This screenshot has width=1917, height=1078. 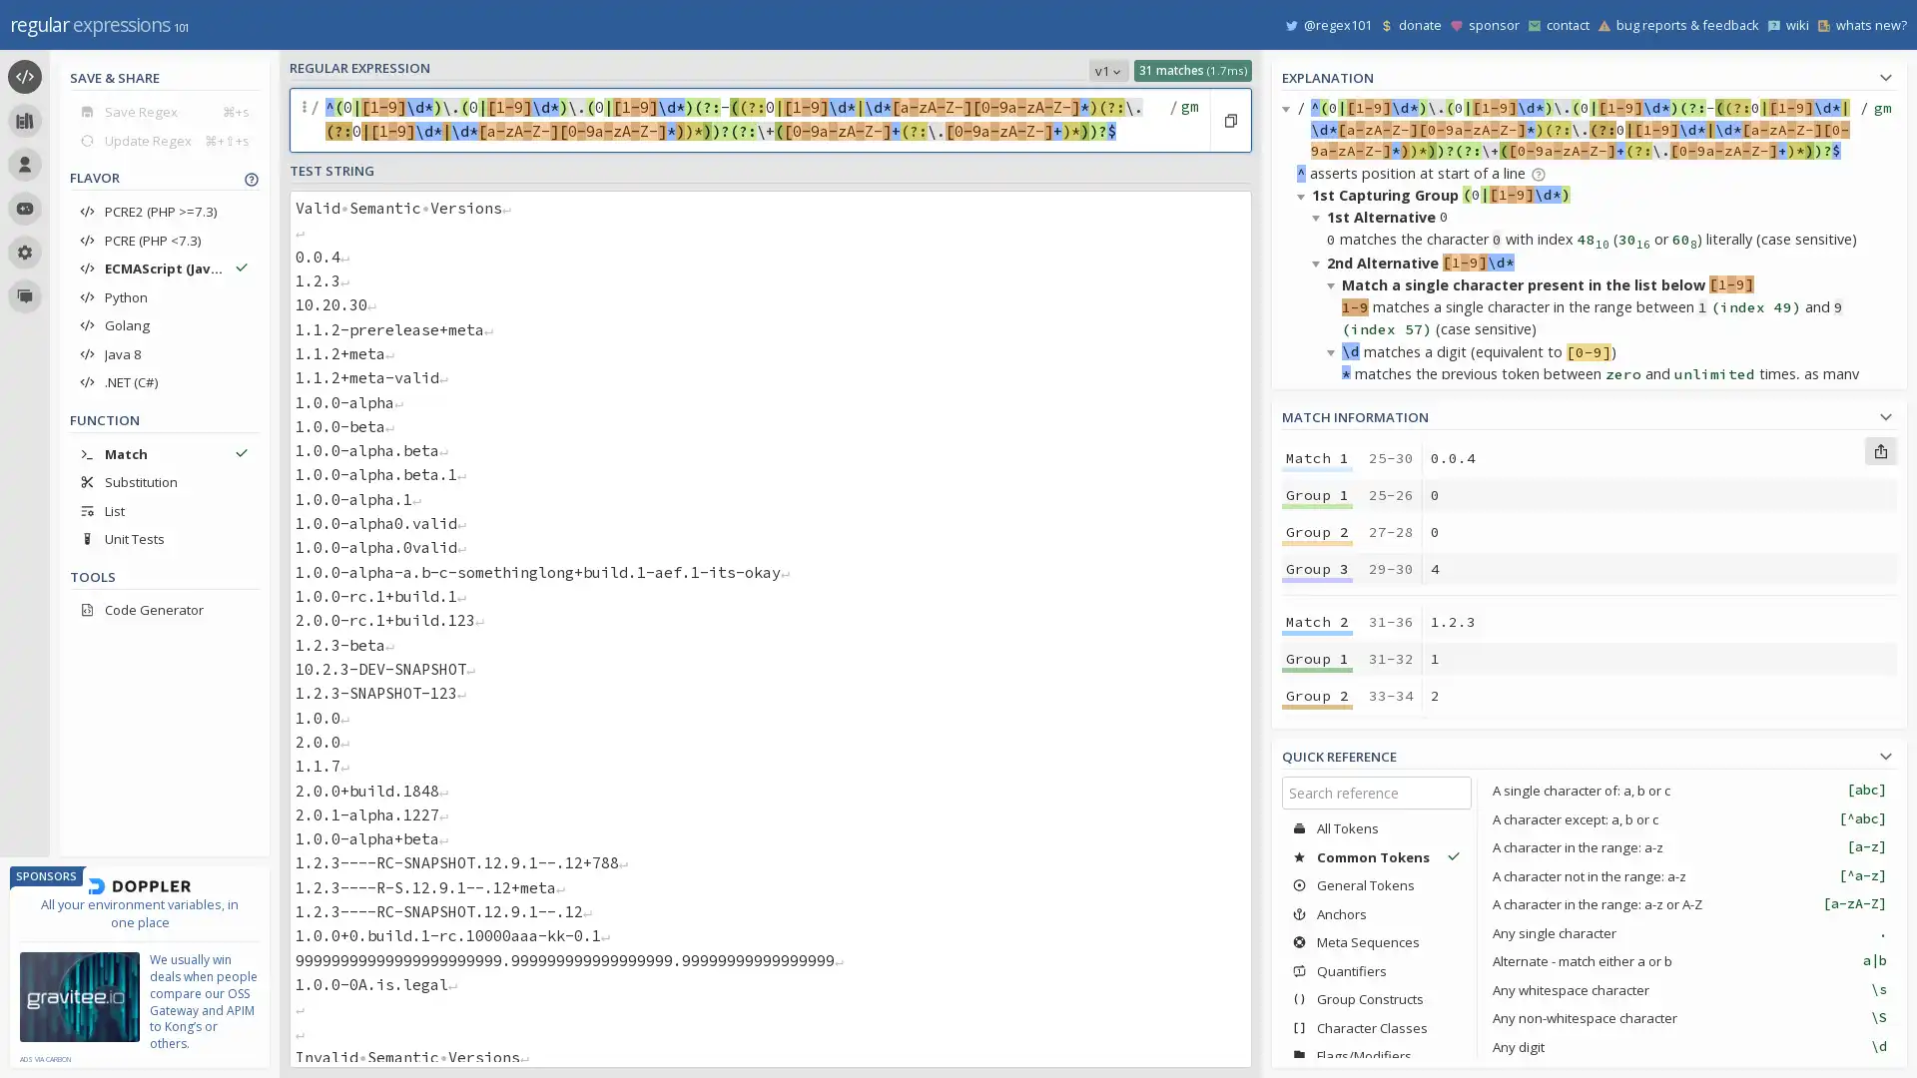 I want to click on Alternate - match either a or b a|b, so click(x=1688, y=960).